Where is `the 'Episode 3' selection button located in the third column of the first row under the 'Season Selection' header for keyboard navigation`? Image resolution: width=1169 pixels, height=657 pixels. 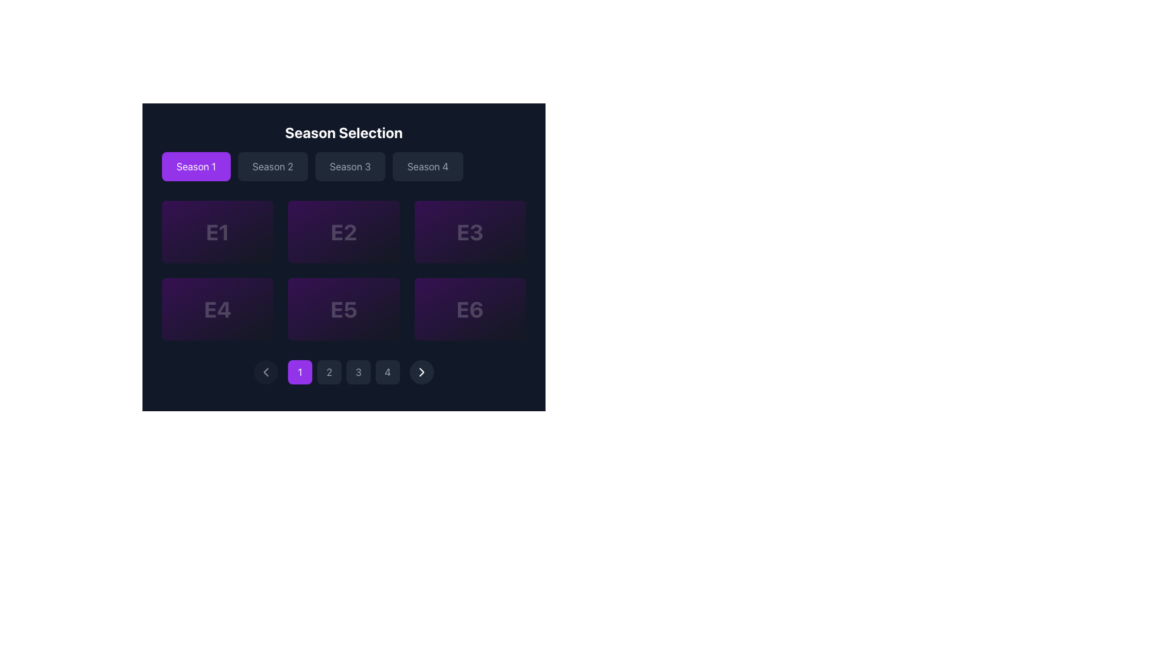 the 'Episode 3' selection button located in the third column of the first row under the 'Season Selection' header for keyboard navigation is located at coordinates (469, 232).